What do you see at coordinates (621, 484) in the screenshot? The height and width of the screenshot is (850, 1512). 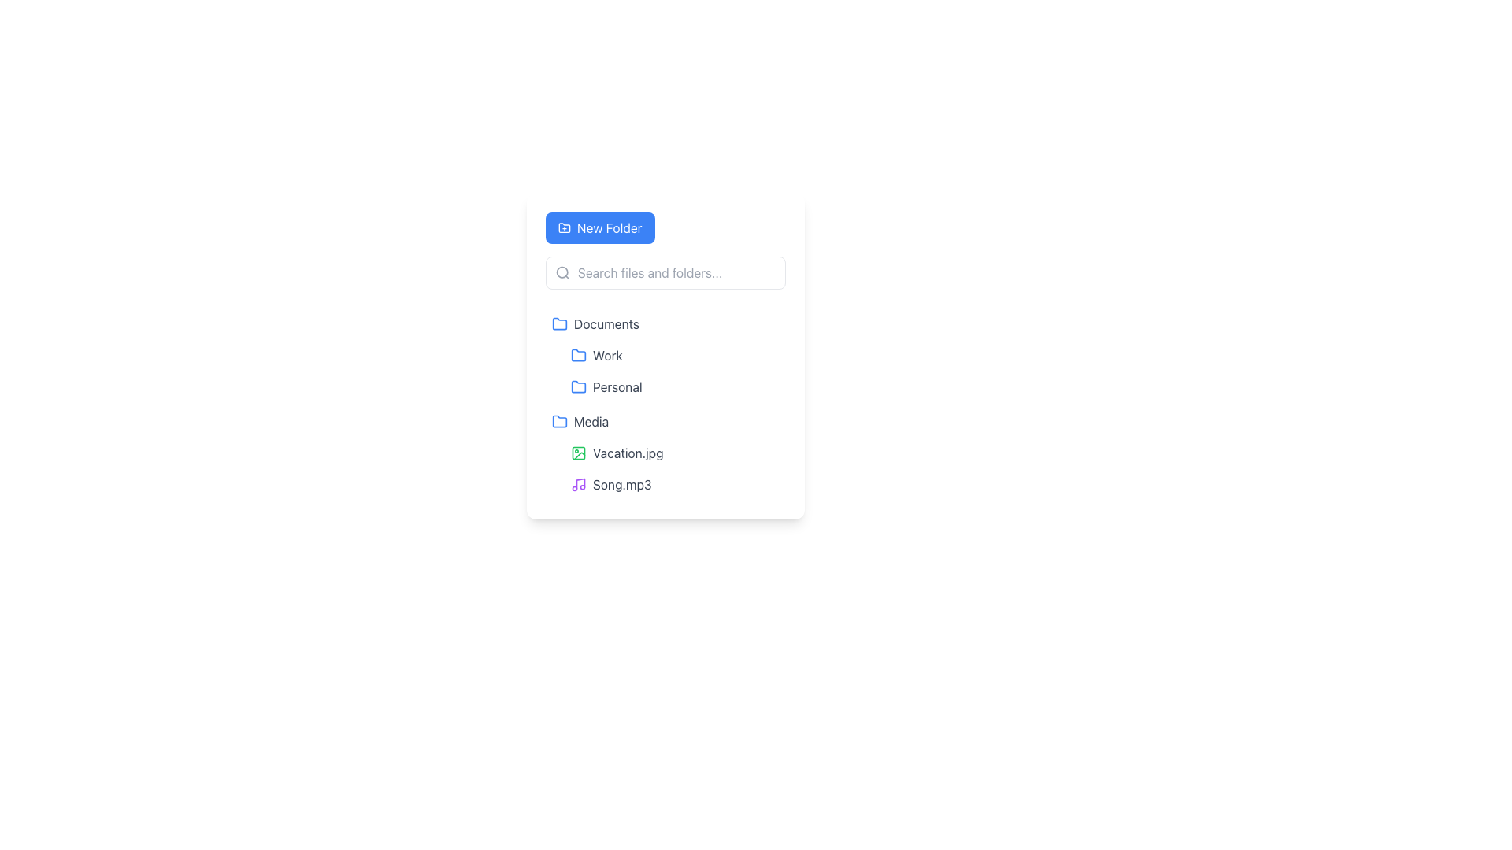 I see `the static text label displaying the audio file name 'Song.mp3' located in the Media folder, which is the fourth item in the file browser list` at bounding box center [621, 484].